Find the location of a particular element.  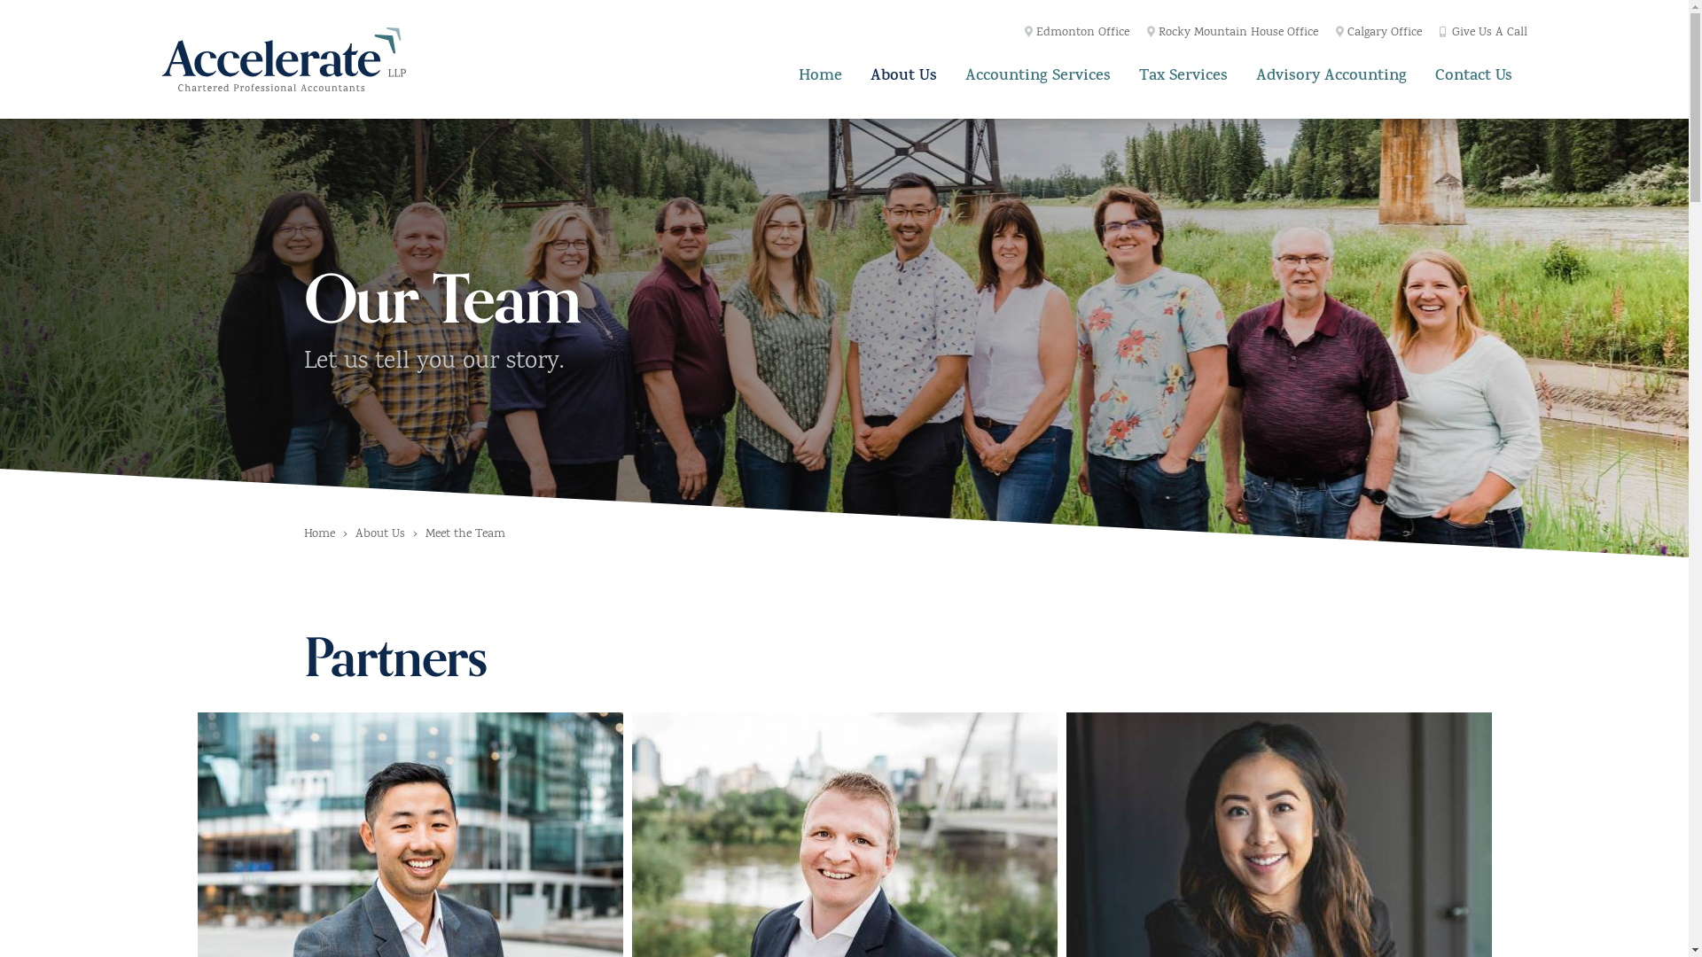

'About Us' is located at coordinates (379, 534).